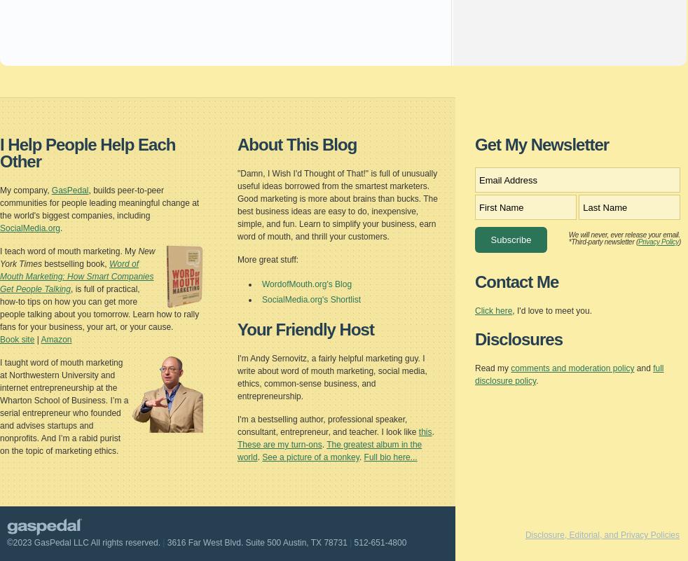  Describe the element at coordinates (572, 368) in the screenshot. I see `'comments and moderation policy'` at that location.